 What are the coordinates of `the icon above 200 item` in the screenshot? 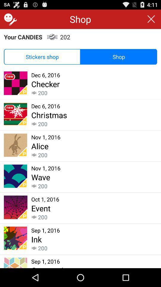 It's located at (49, 115).